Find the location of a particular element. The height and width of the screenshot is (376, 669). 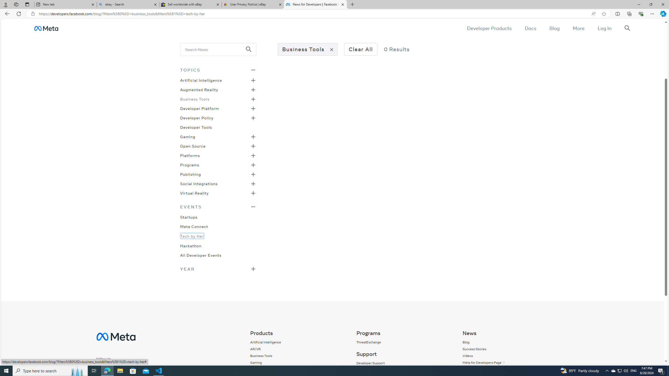

'All Developer Events' is located at coordinates (200, 254).